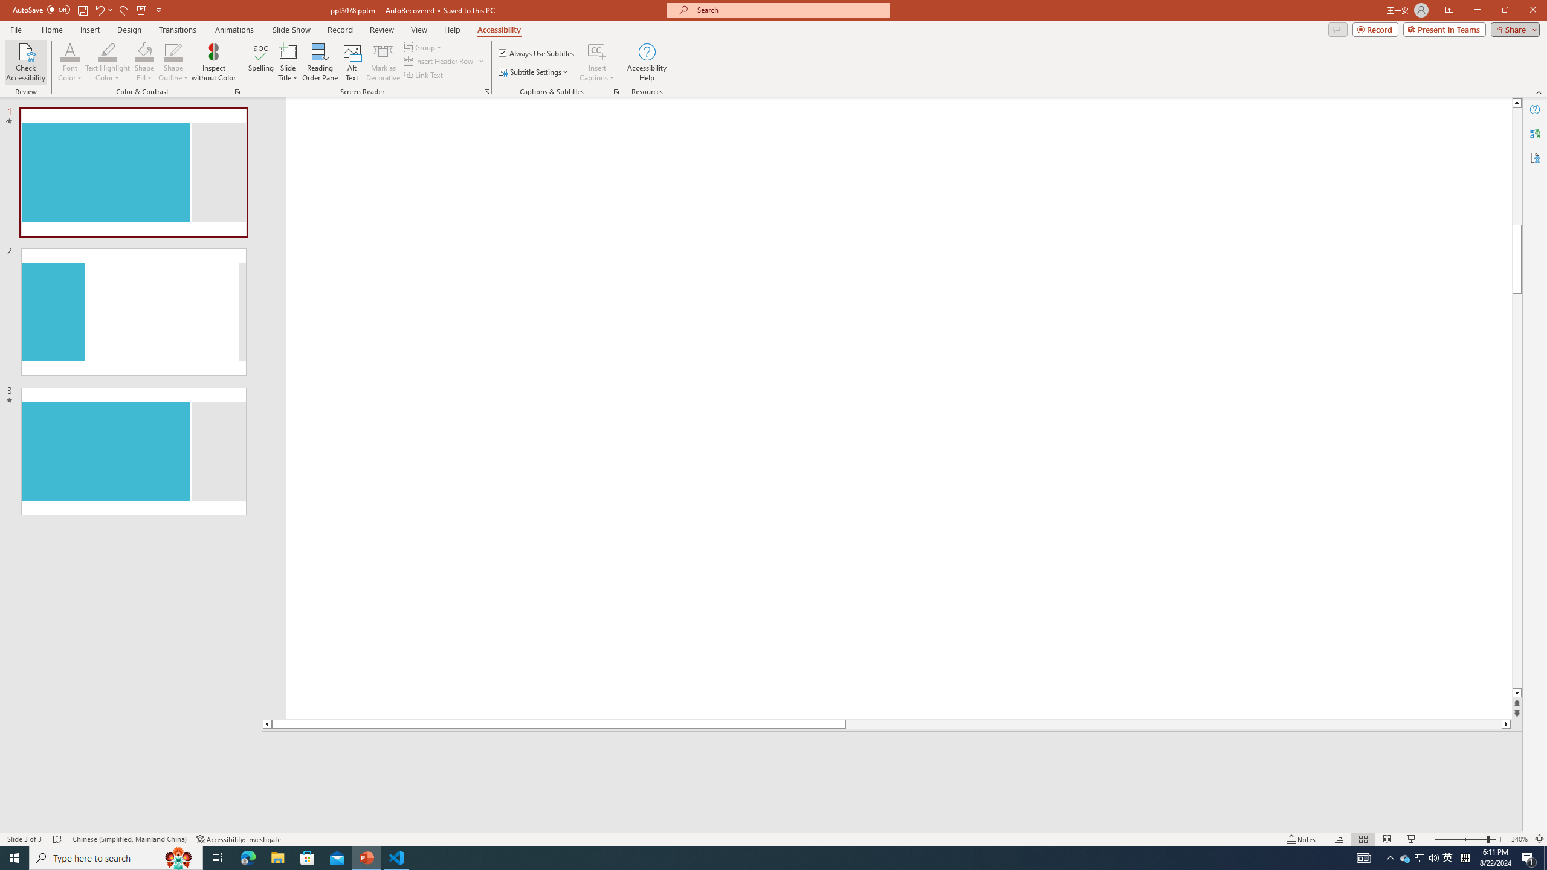 This screenshot has width=1547, height=870. Describe the element at coordinates (320, 62) in the screenshot. I see `'Reading Order Pane'` at that location.